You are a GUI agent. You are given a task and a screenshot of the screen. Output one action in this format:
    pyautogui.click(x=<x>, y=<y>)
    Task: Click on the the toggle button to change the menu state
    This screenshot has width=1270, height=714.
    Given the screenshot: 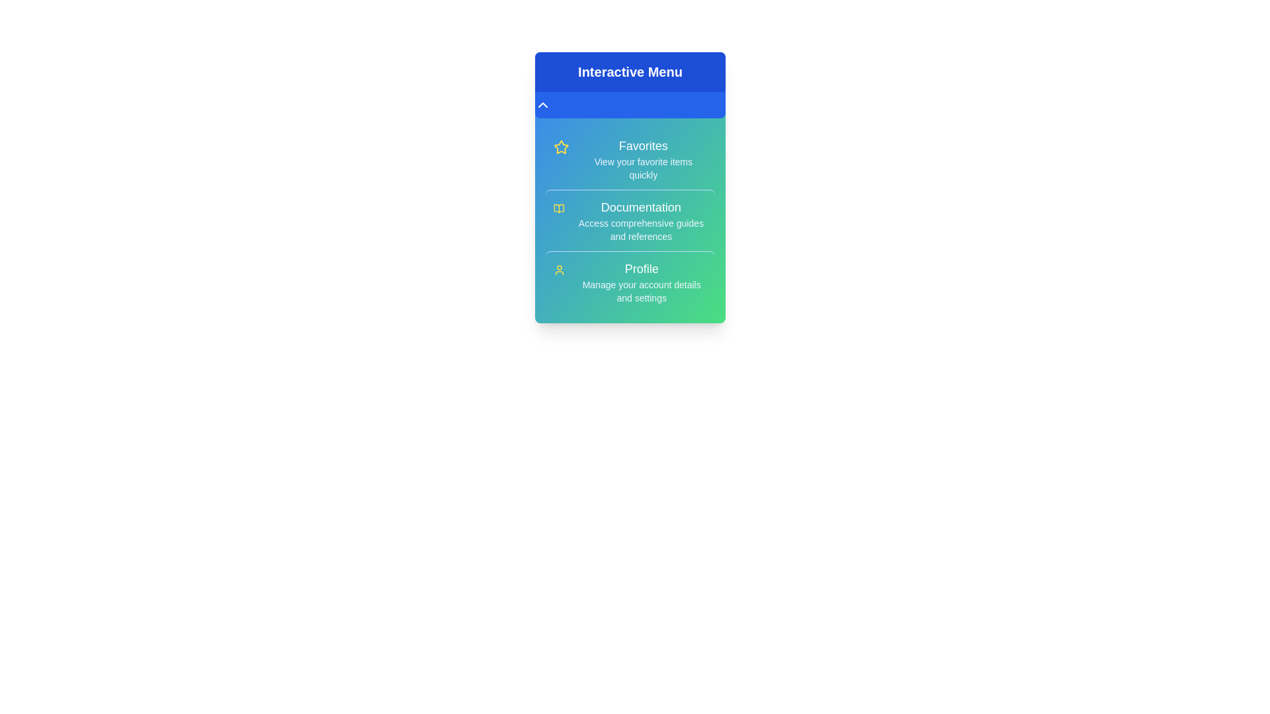 What is the action you would take?
    pyautogui.click(x=630, y=104)
    